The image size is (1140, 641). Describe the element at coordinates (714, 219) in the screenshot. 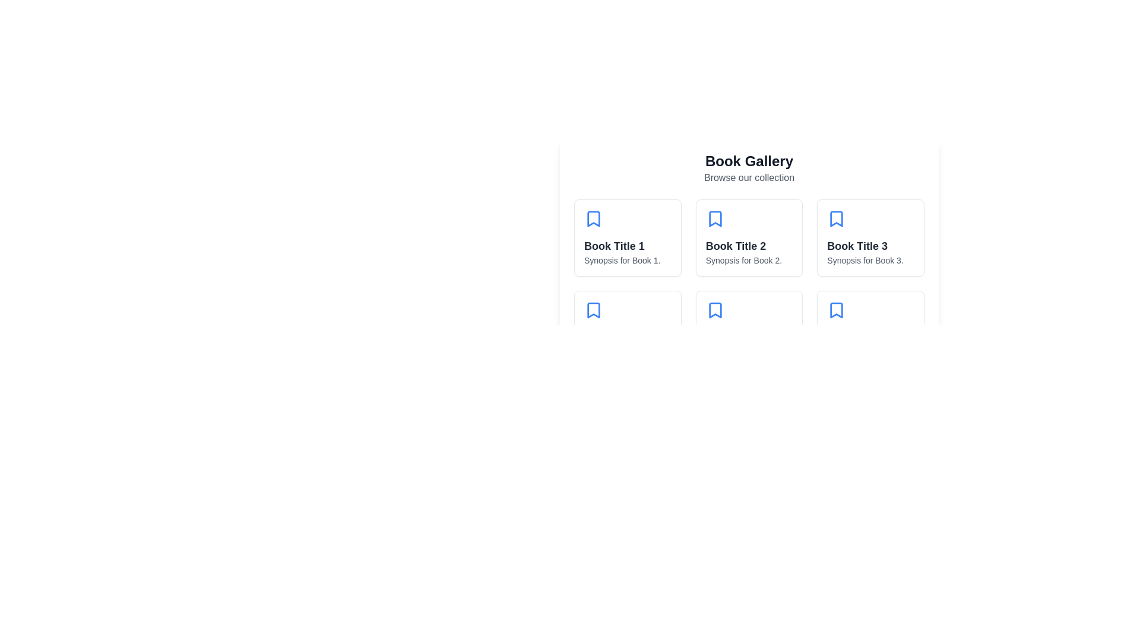

I see `the status icon in the header section of the 'Book Title 2' card, which allows users to save, bookmark, or mark the book as a favorite` at that location.